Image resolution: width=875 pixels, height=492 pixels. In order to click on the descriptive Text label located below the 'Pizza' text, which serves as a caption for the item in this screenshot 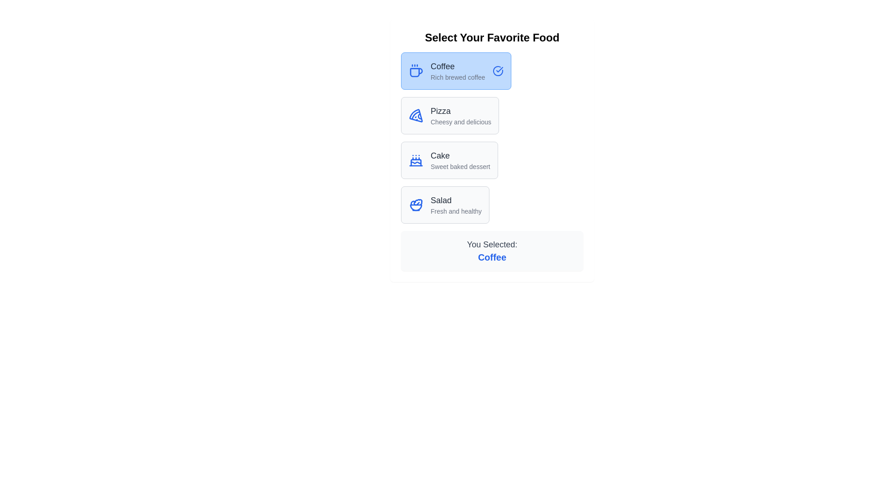, I will do `click(461, 121)`.